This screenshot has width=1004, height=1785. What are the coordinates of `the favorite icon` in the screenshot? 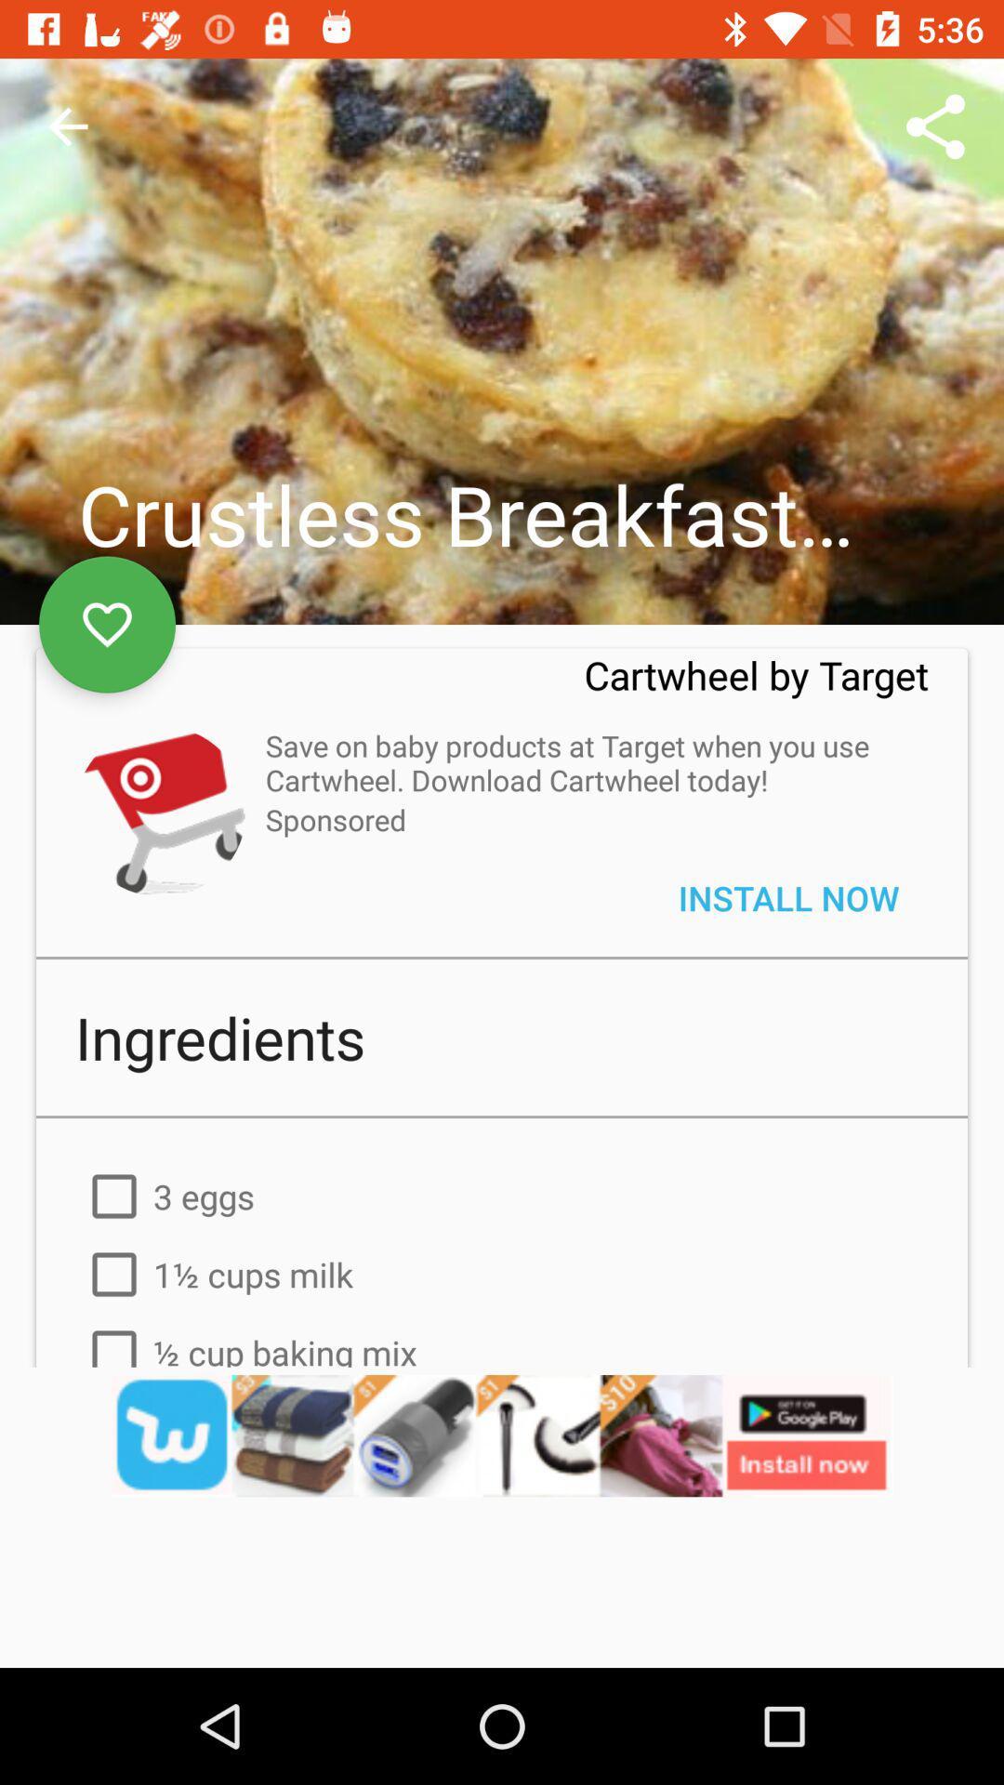 It's located at (107, 625).